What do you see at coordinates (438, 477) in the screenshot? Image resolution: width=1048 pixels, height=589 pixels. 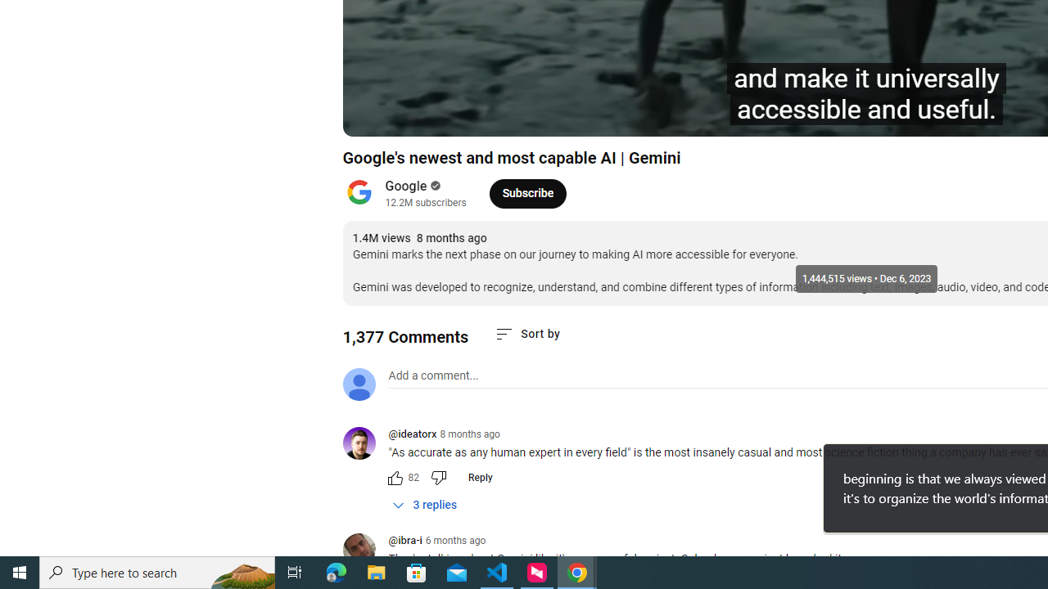 I see `'Dislike this comment'` at bounding box center [438, 477].